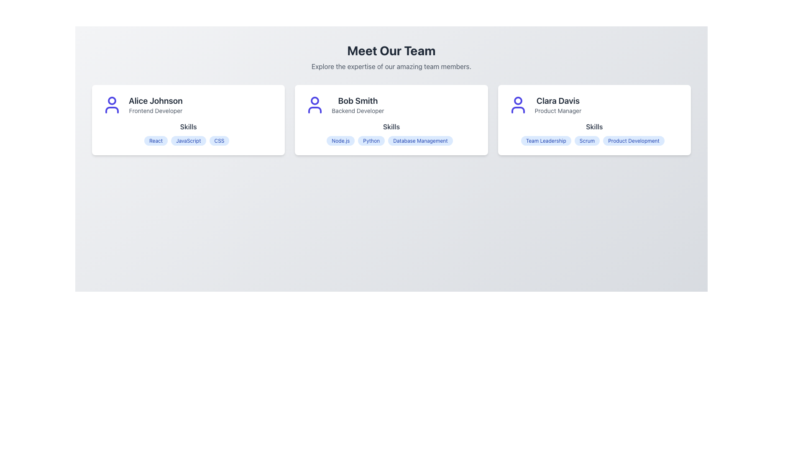 This screenshot has height=452, width=803. What do you see at coordinates (594, 104) in the screenshot?
I see `the profile summary block for 'Clara Davis'` at bounding box center [594, 104].